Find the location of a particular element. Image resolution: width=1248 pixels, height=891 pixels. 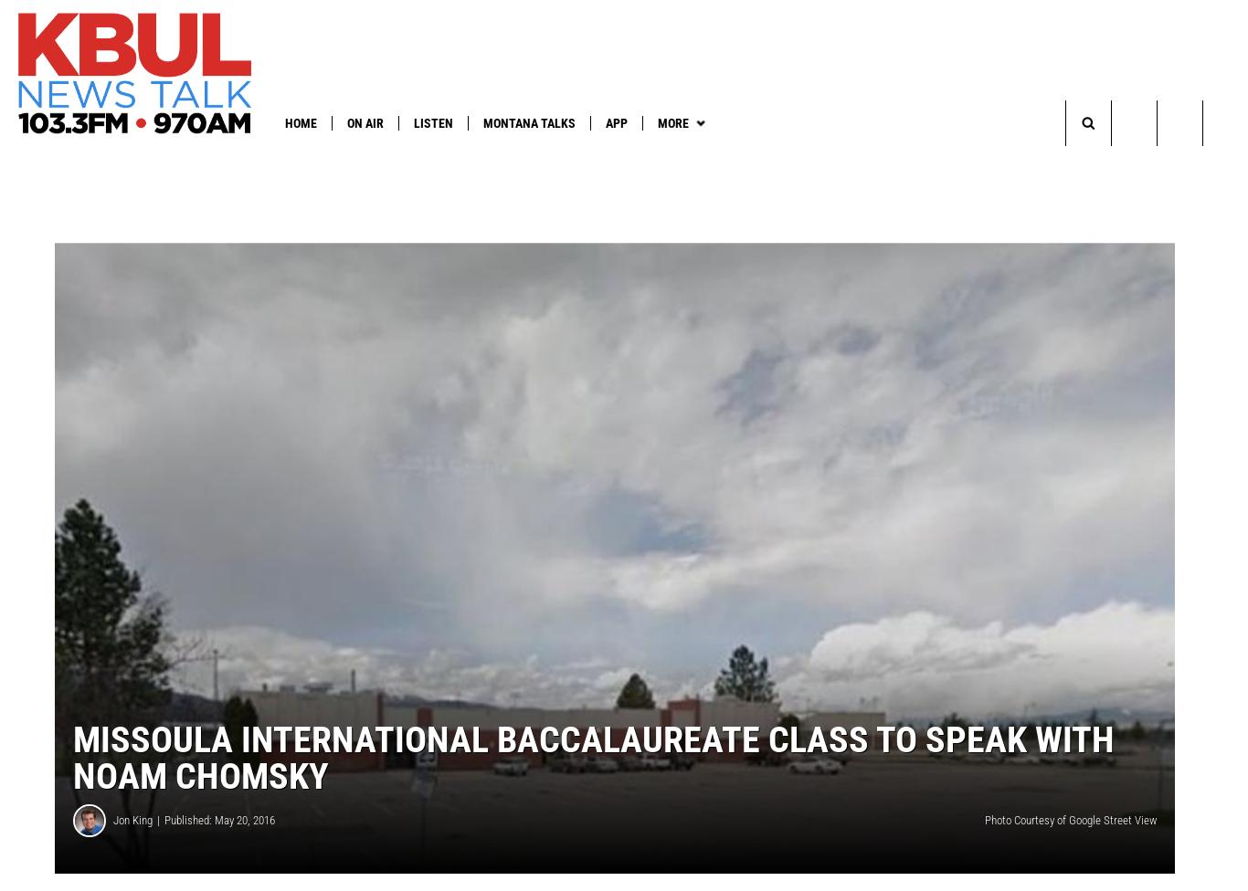

'Statewide News' is located at coordinates (438, 159).